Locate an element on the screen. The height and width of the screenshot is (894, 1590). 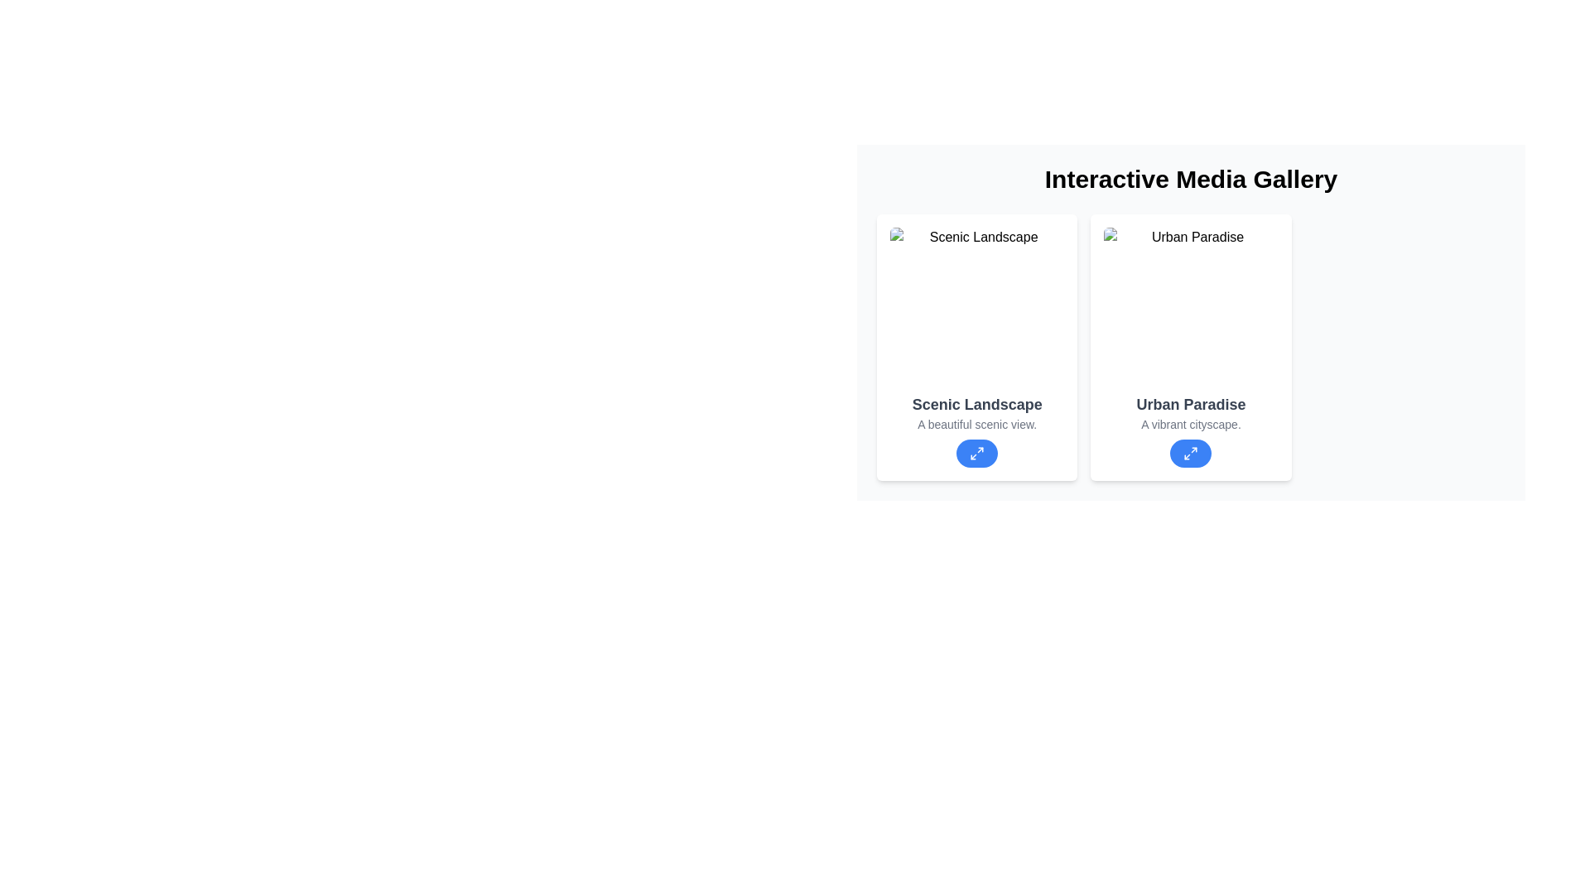
the icon button with outward-pointing diagonal arrows located inside a blue circular button below the 'Urban Paradise' text is located at coordinates (1190, 453).